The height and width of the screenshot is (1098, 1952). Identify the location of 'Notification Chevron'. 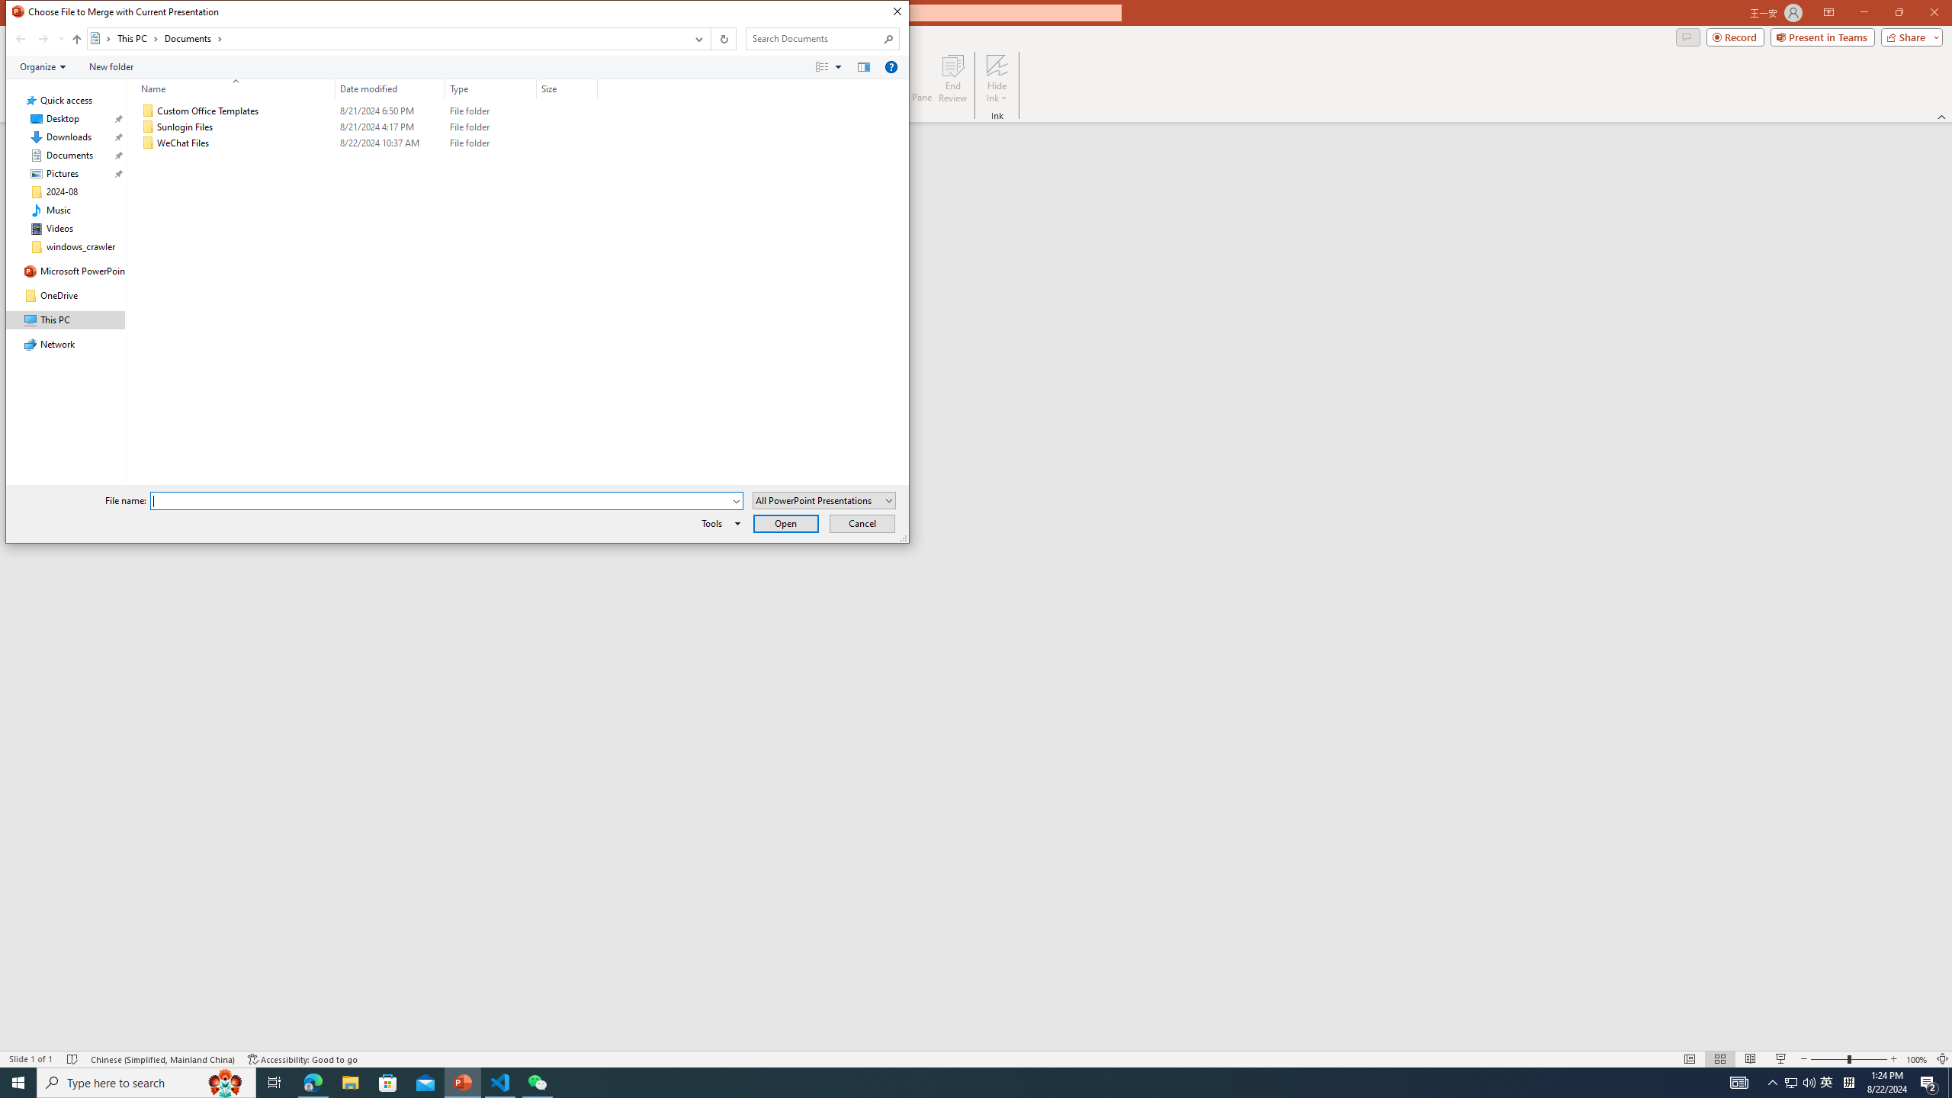
(1772, 1081).